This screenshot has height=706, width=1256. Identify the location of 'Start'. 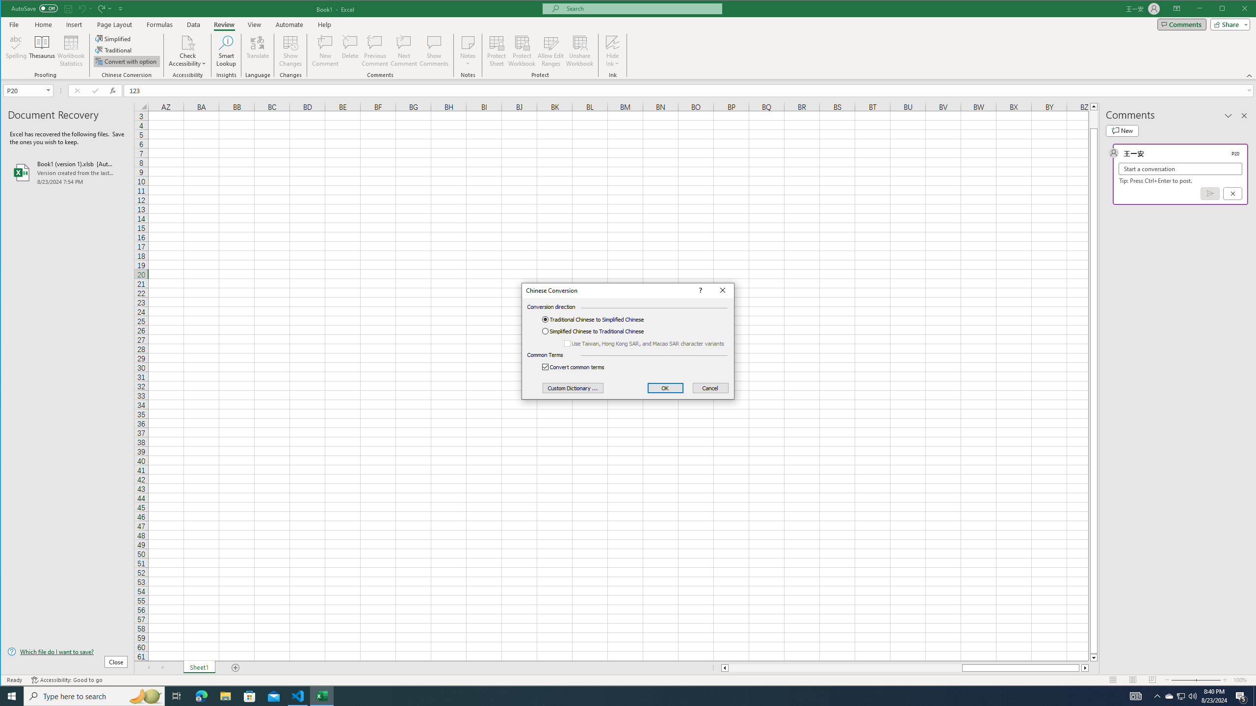
(12, 695).